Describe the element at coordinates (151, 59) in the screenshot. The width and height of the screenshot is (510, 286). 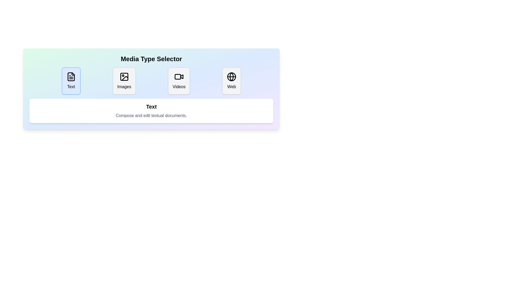
I see `the static text element that serves as a header indicating the purpose of selecting a media type, positioned above the interactive buttons` at that location.